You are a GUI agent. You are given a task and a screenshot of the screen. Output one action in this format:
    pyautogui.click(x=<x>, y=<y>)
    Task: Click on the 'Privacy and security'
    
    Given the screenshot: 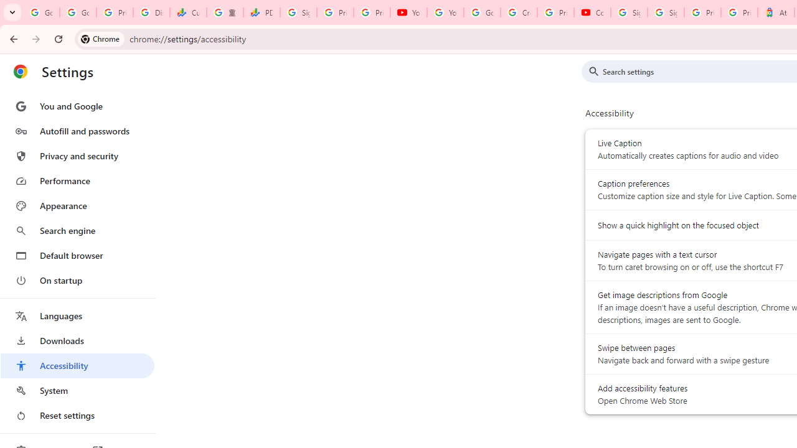 What is the action you would take?
    pyautogui.click(x=77, y=155)
    